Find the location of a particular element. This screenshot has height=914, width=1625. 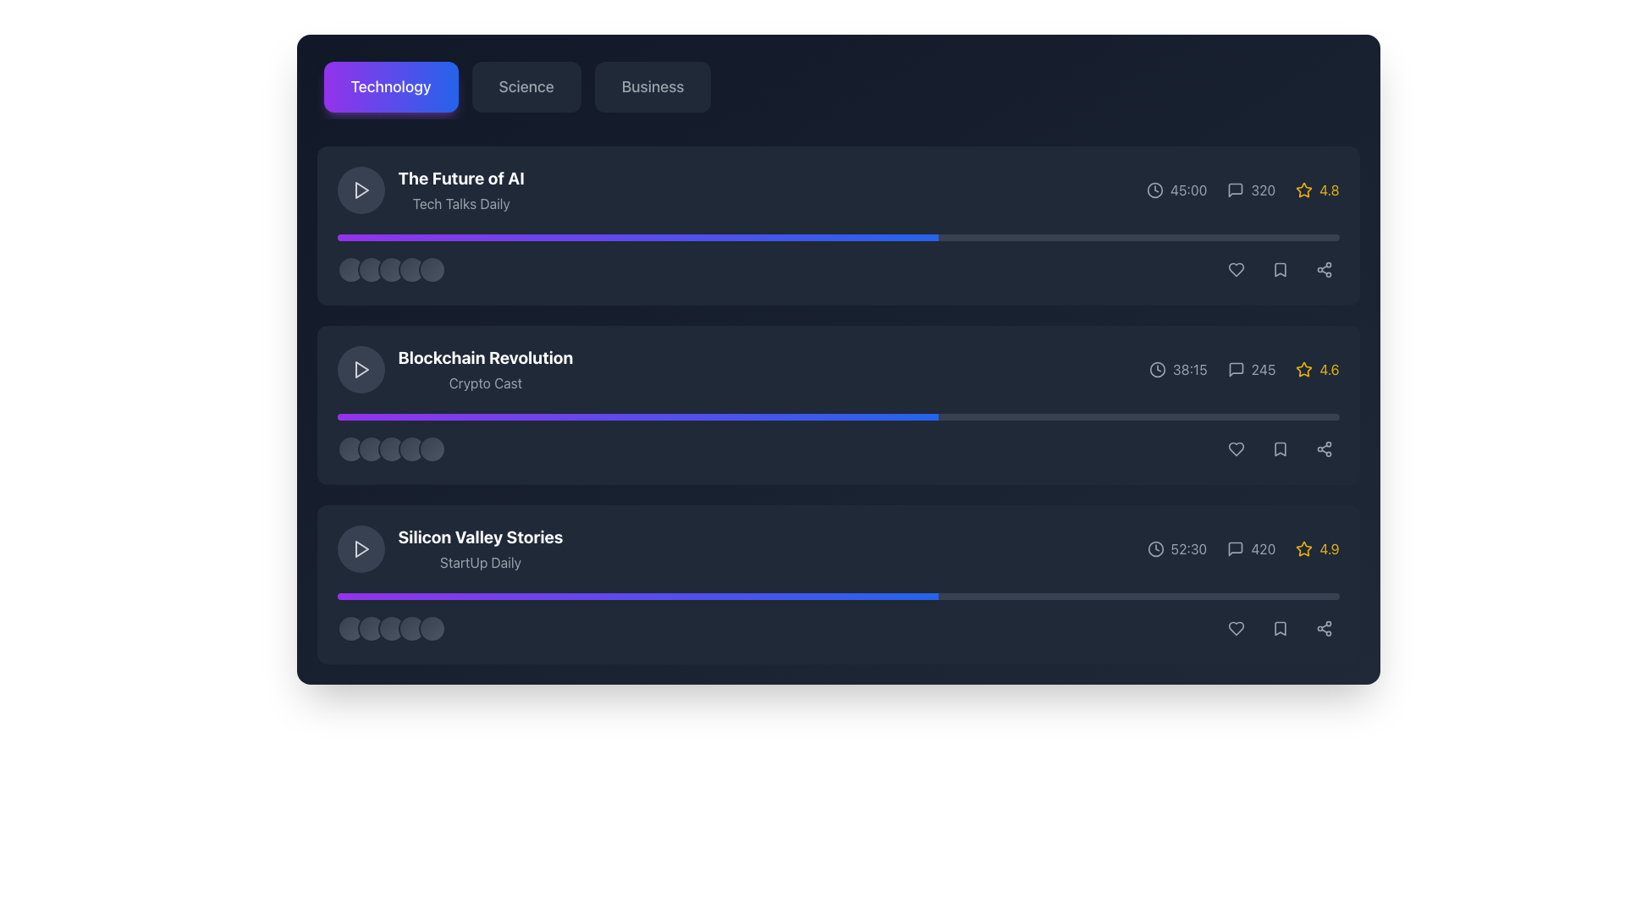

the icon resembling a clock with the text '45:00' in the top-right section of the 'The Future of AI' card is located at coordinates (1176, 190).